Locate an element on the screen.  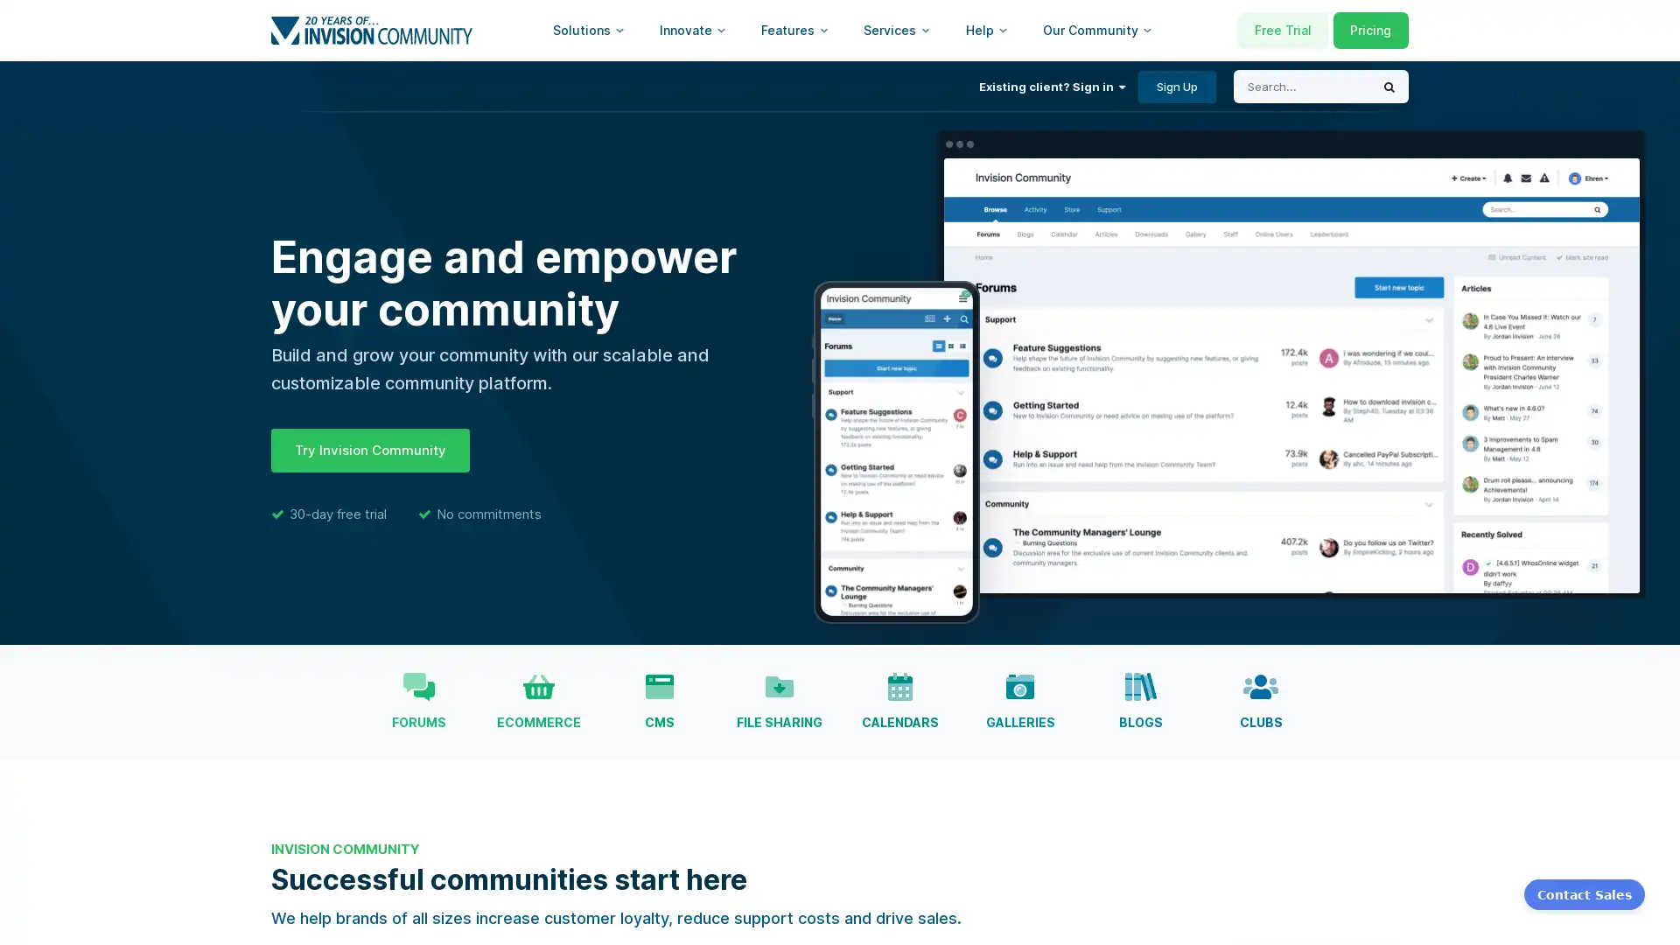
Help is located at coordinates (987, 30).